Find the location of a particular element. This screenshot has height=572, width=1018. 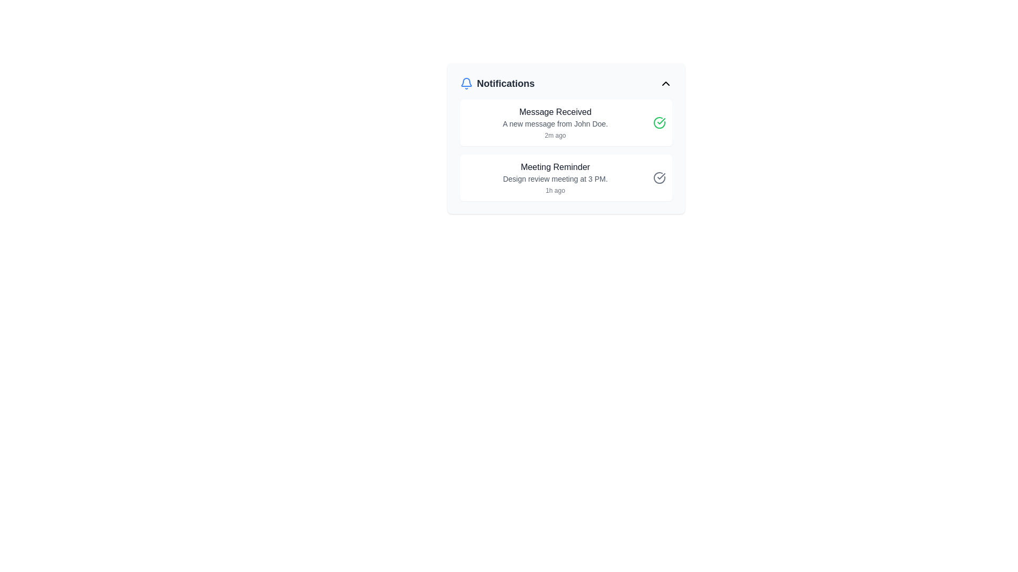

the timestamp text indicating that an event occurred one hour ago, located below the 'Design review meeting at 3 PM.' line in the 'Meeting Reminder' section is located at coordinates (555, 190).